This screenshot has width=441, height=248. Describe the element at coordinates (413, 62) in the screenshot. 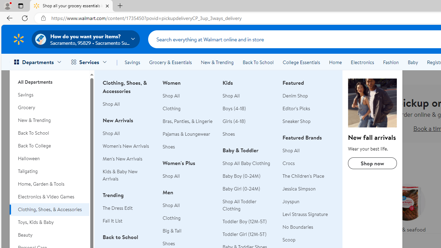

I see `'Baby'` at that location.